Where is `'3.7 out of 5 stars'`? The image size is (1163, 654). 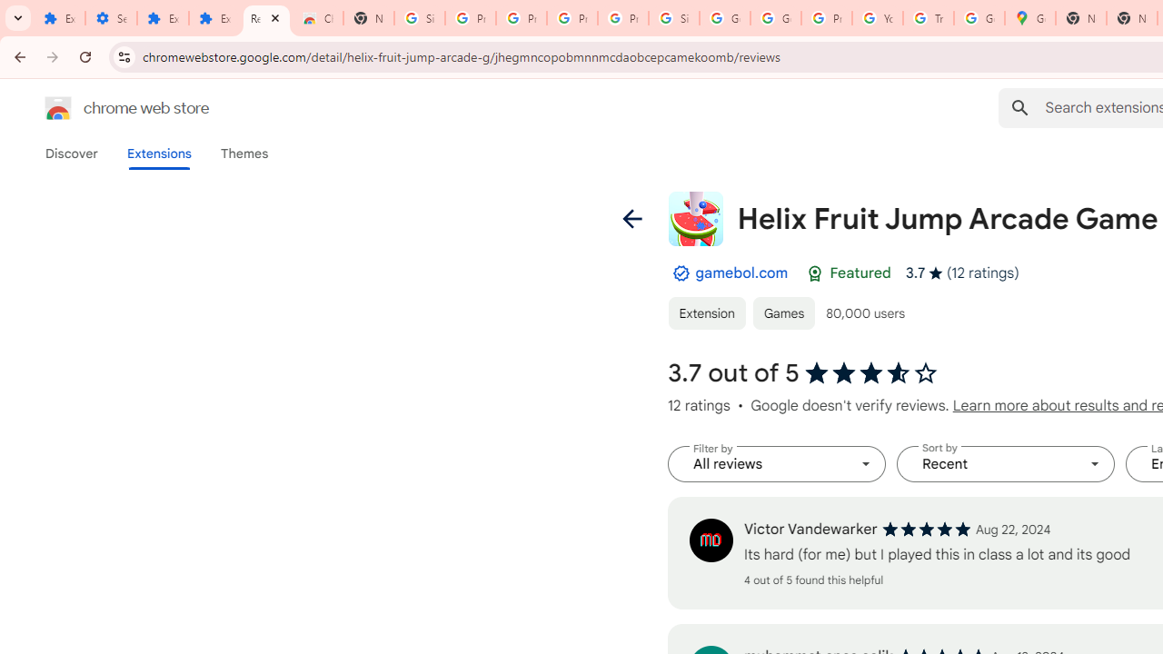
'3.7 out of 5 stars' is located at coordinates (872, 372).